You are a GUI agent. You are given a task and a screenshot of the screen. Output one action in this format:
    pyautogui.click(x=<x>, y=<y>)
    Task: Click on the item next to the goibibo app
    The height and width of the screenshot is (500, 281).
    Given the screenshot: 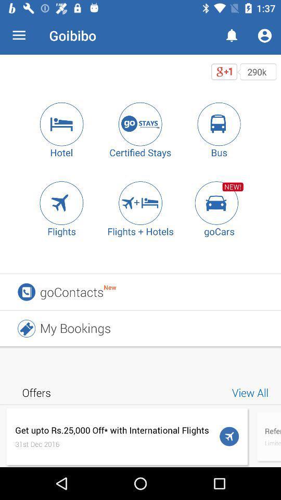 What is the action you would take?
    pyautogui.click(x=19, y=35)
    